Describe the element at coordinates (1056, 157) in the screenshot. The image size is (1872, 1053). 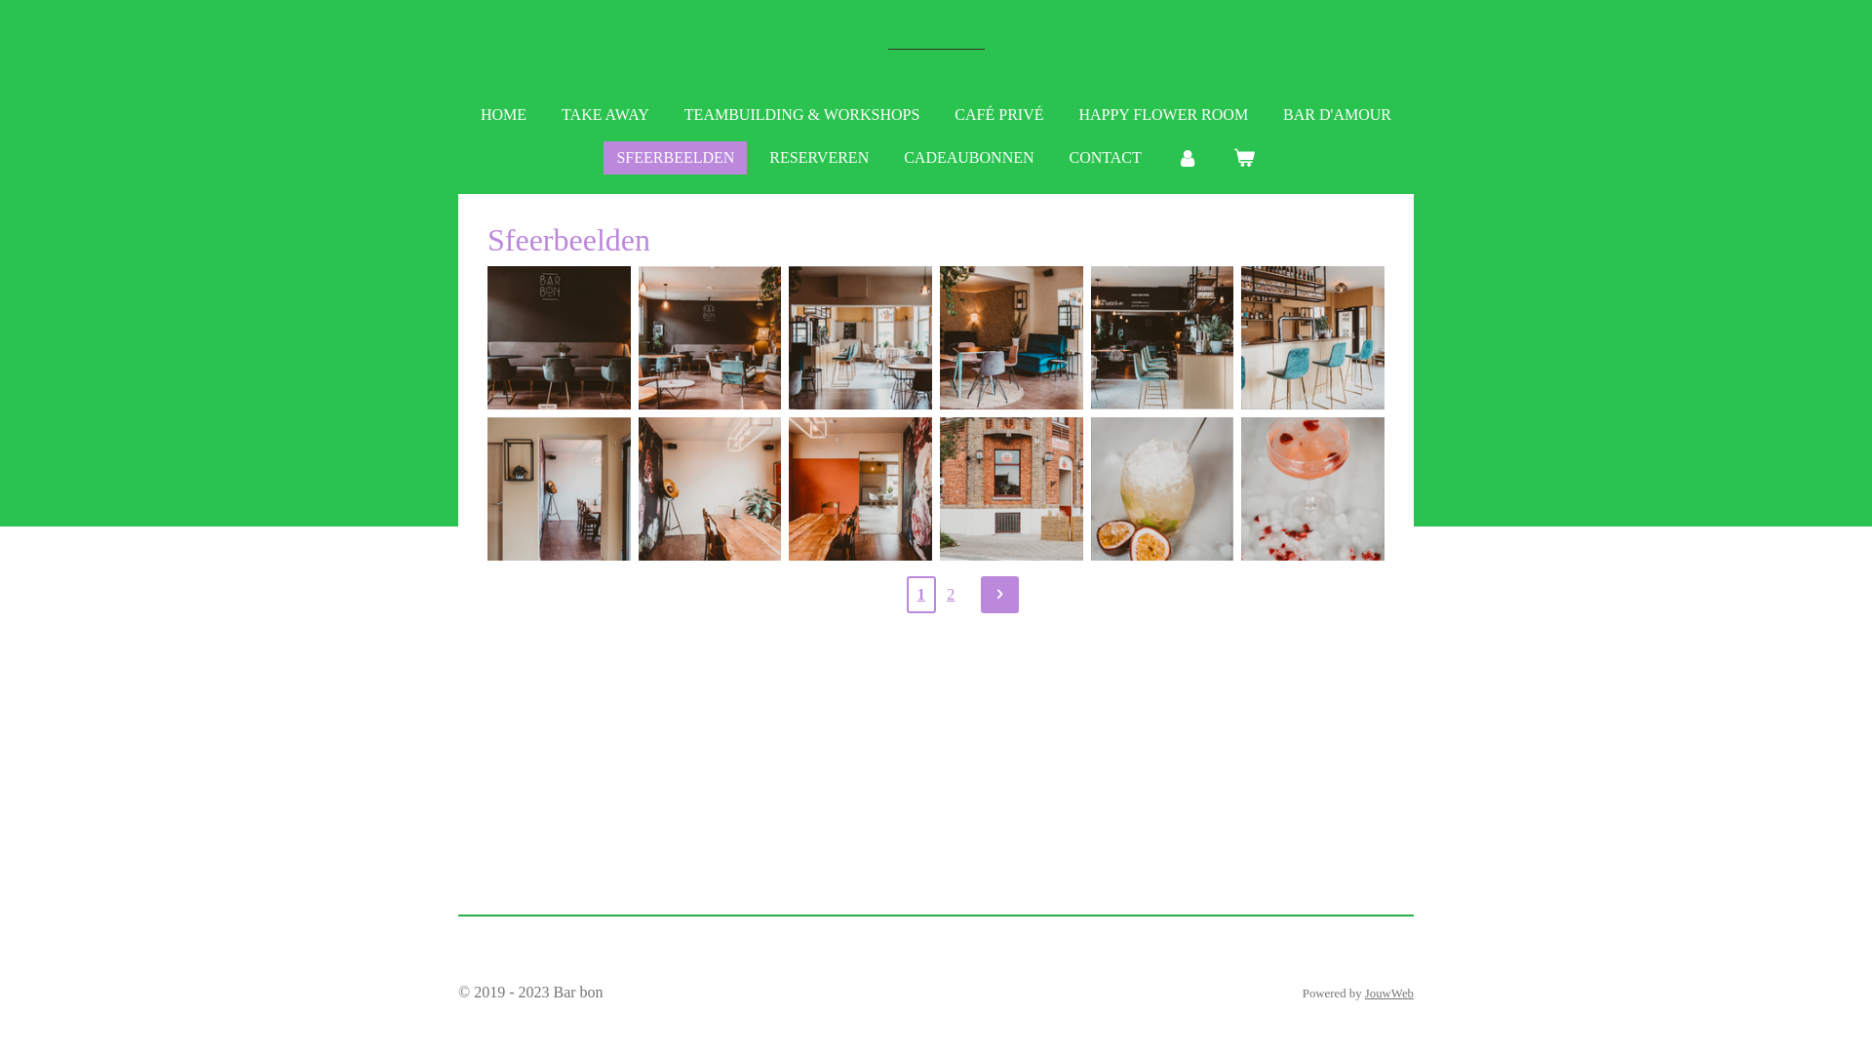
I see `'CONTACT'` at that location.